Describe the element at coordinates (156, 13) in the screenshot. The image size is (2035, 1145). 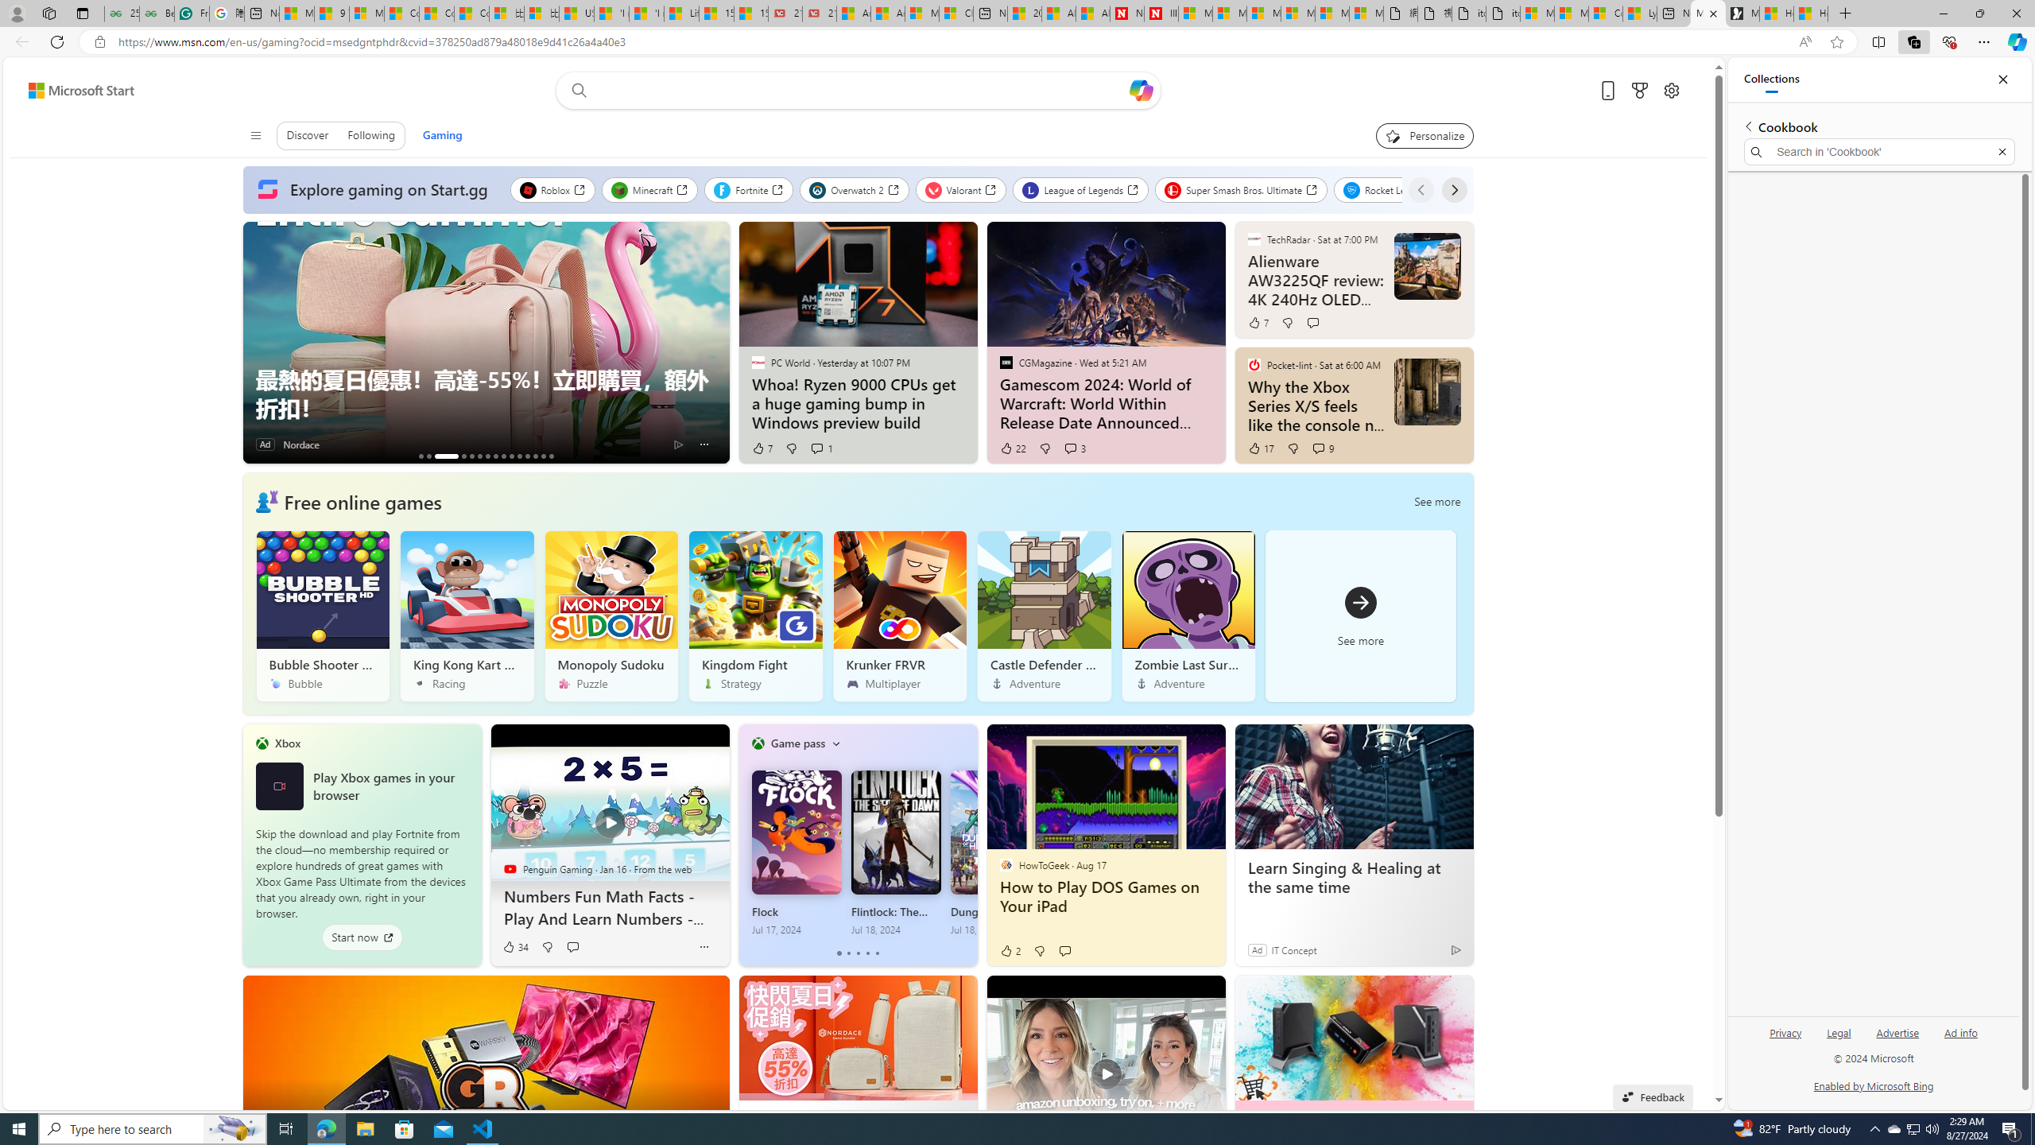
I see `'Best SSL Certificates Provider in India - GeeksforGeeks'` at that location.